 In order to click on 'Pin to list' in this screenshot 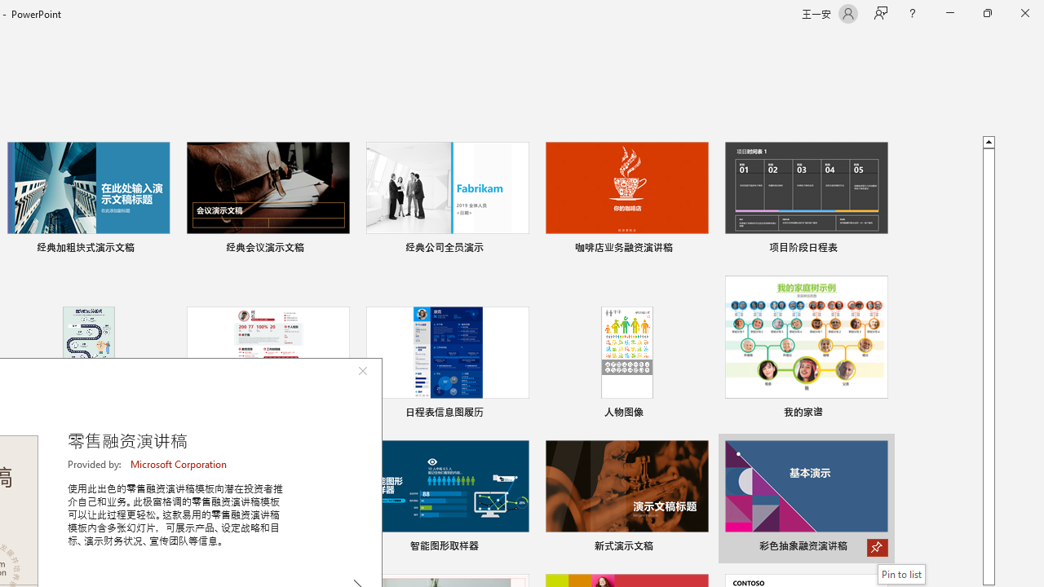, I will do `click(900, 573)`.